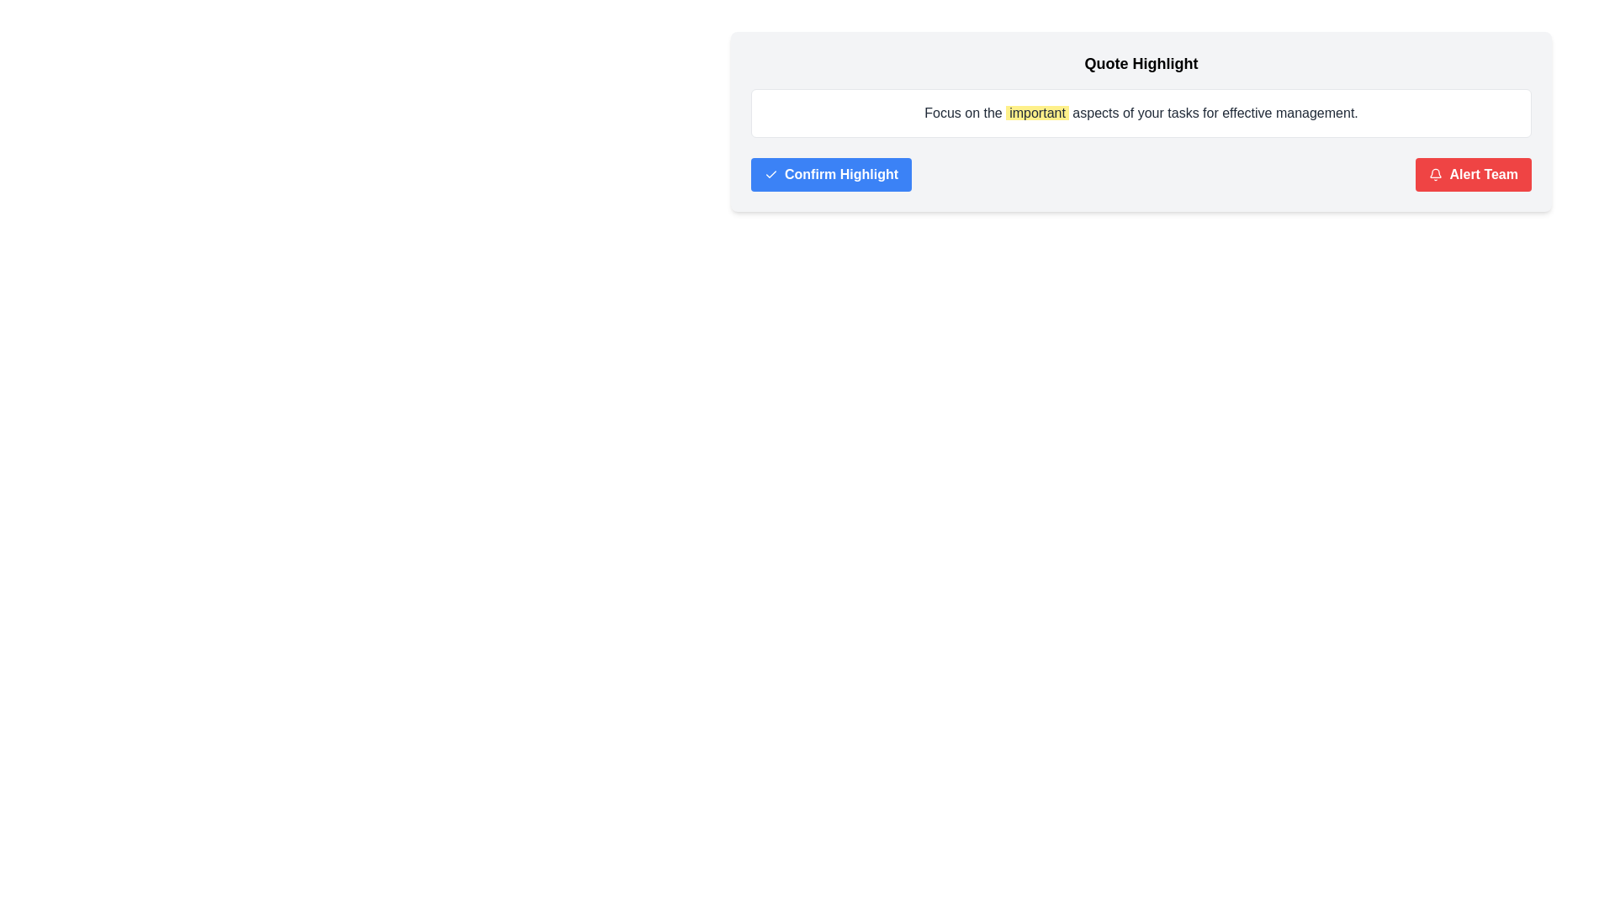  What do you see at coordinates (1473, 175) in the screenshot?
I see `the 'Alert Team' button located to the right of the 'Confirm Highlight' button` at bounding box center [1473, 175].